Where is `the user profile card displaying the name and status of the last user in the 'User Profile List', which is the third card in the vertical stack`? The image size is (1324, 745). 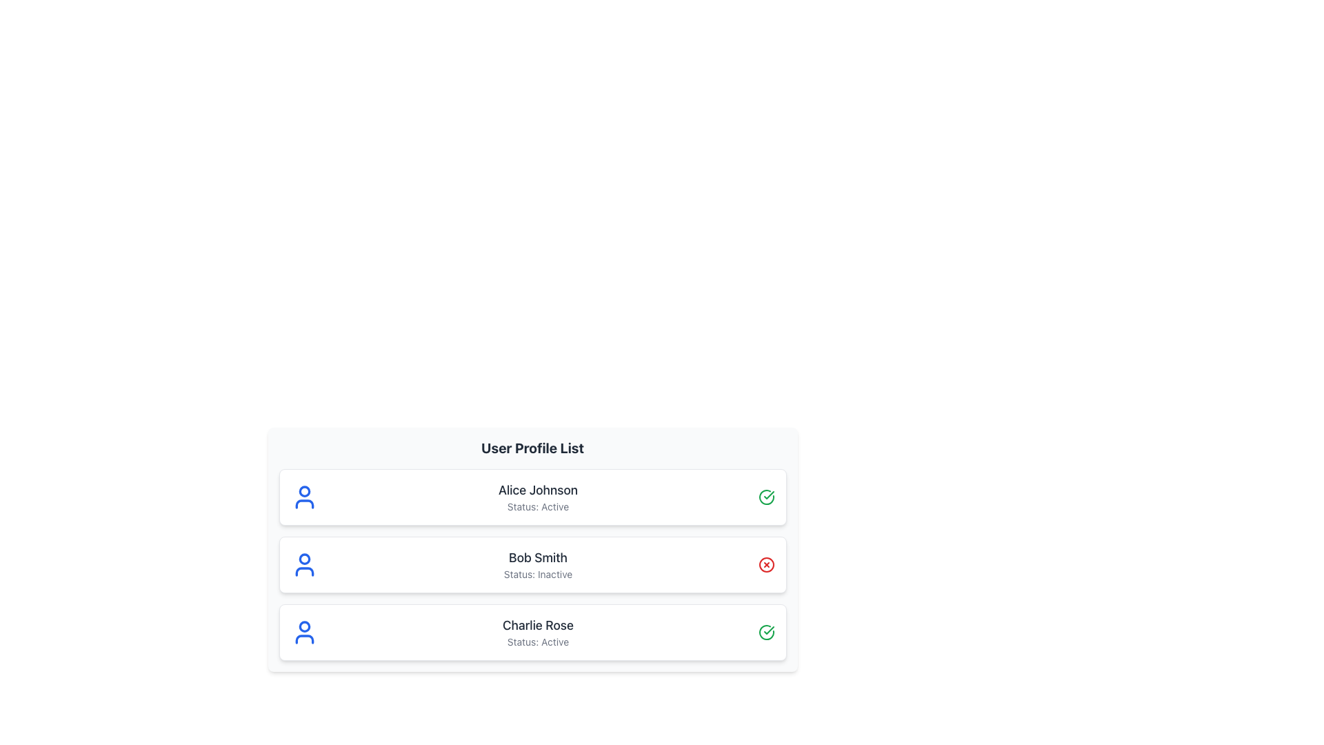
the user profile card displaying the name and status of the last user in the 'User Profile List', which is the third card in the vertical stack is located at coordinates (532, 633).